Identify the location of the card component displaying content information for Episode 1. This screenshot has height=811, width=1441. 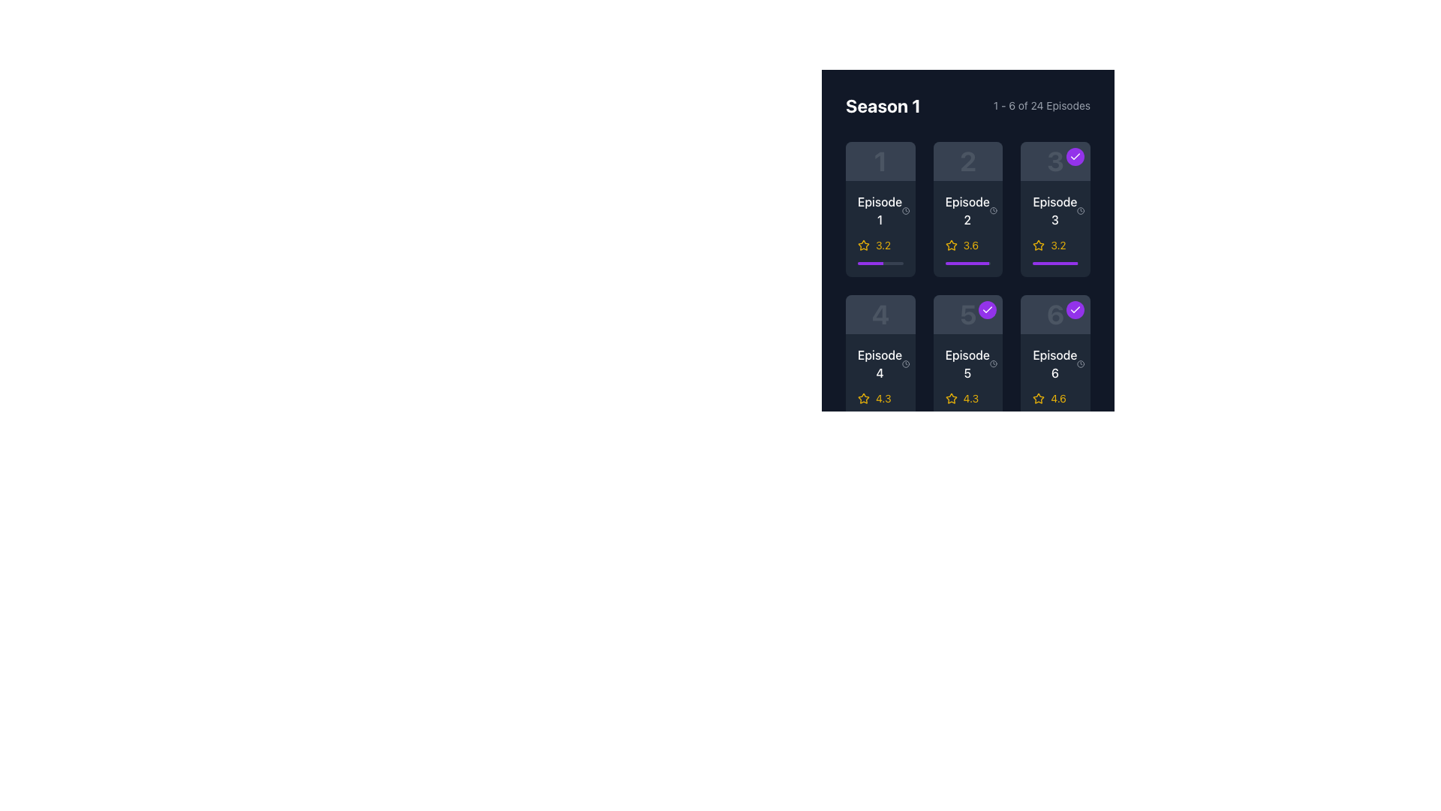
(880, 210).